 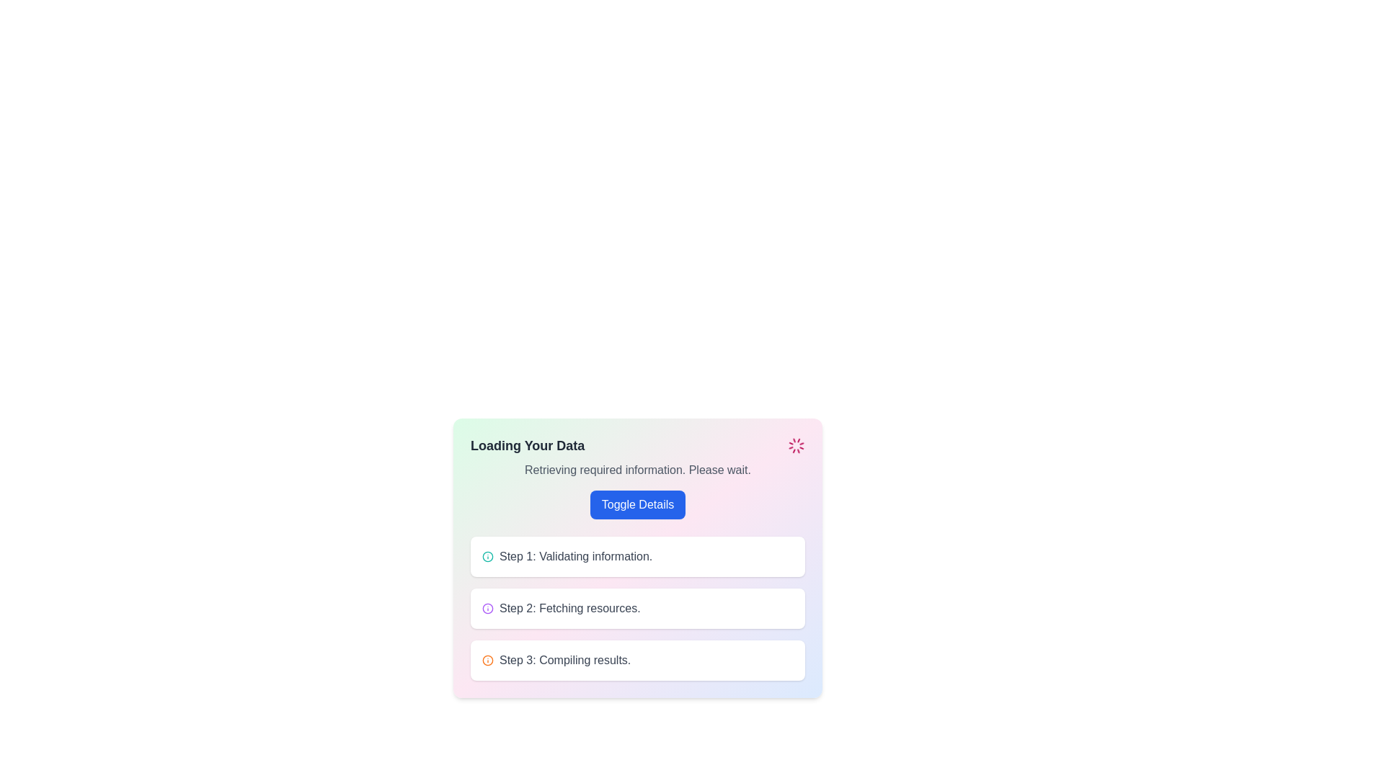 I want to click on the first text label with a supporting icon that represents the first step in a series of three procedural steps in a card-like UI component, so click(x=636, y=555).